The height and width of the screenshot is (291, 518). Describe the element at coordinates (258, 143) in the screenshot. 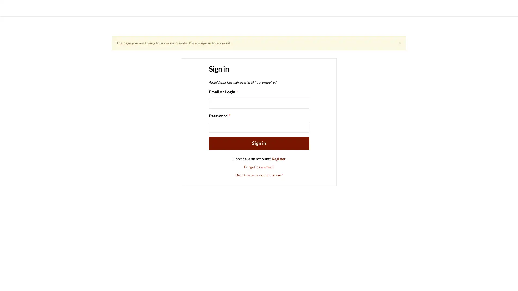

I see `Sign in` at that location.